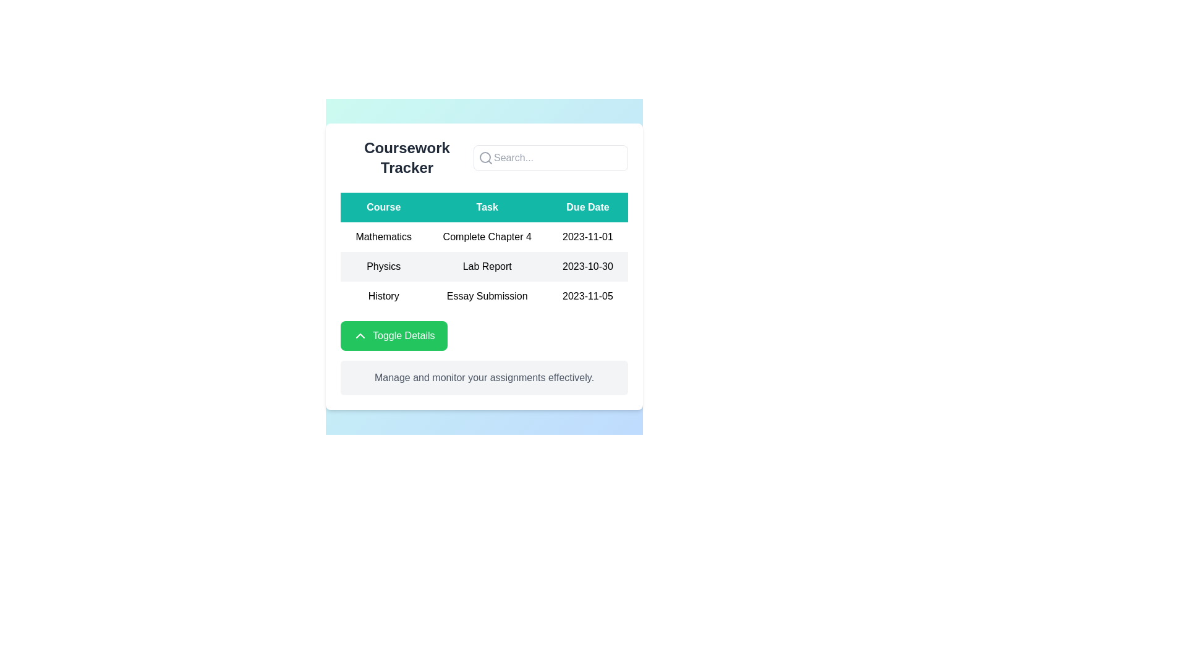 This screenshot has width=1187, height=667. Describe the element at coordinates (483, 237) in the screenshot. I see `the first row in the task table displaying 'Mathematics', 'Complete Chapter 4', and '2023-11-01'` at that location.